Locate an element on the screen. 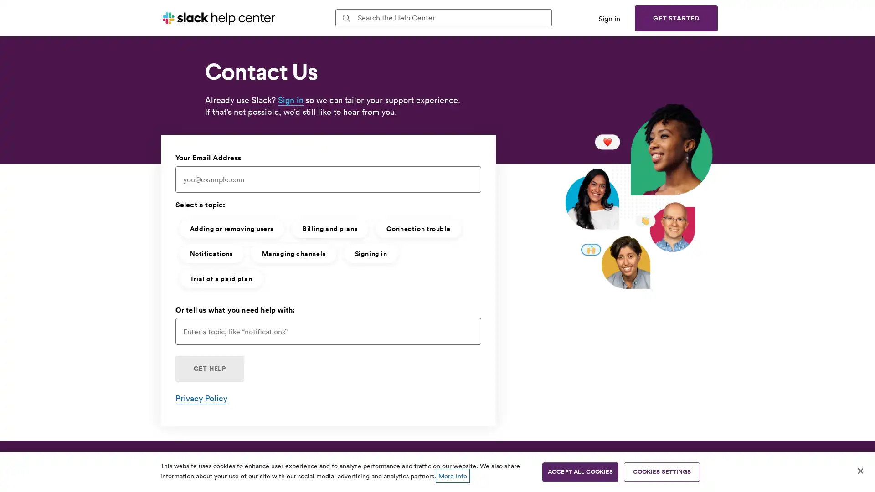 This screenshot has height=492, width=875. Connection trouble is located at coordinates (417, 228).